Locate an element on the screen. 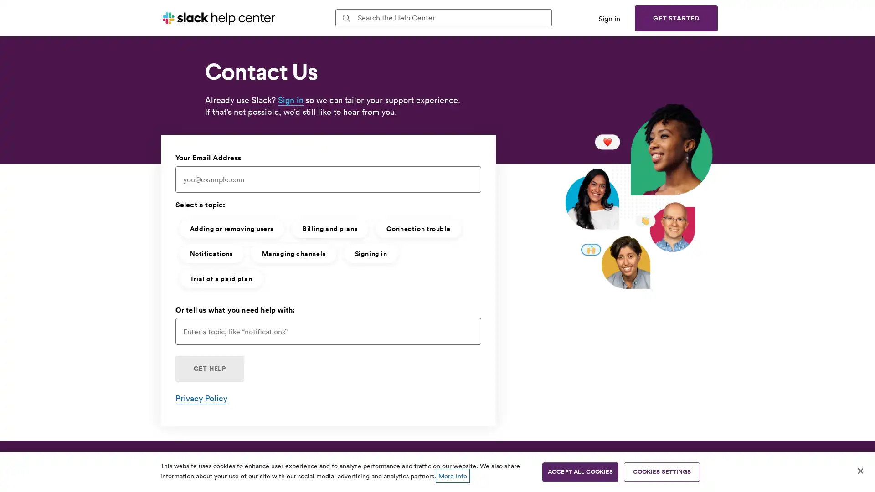 This screenshot has height=492, width=875. Connection trouble is located at coordinates (417, 228).